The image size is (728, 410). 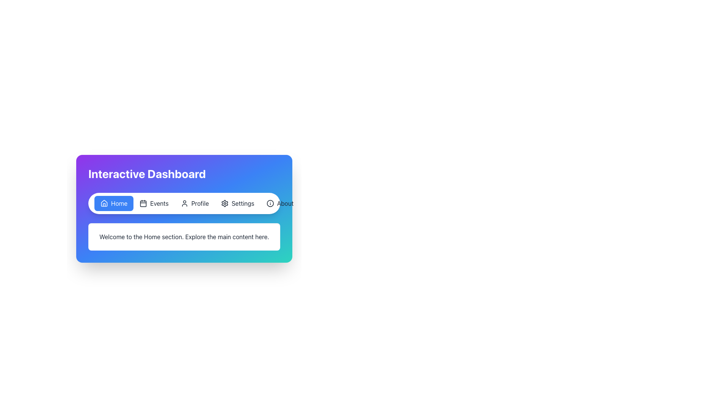 What do you see at coordinates (195, 203) in the screenshot?
I see `the third button in the navigation bar` at bounding box center [195, 203].